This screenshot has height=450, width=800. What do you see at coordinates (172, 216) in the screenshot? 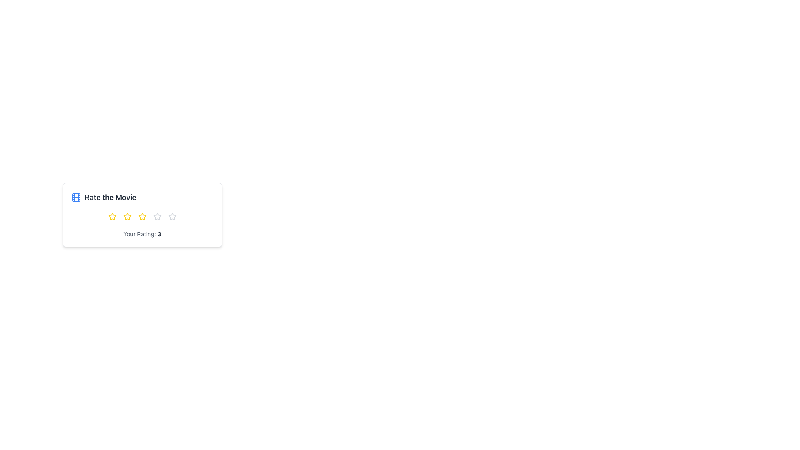
I see `the fifth star icon in the row of five stars below the 'Rate the Movie' title` at bounding box center [172, 216].